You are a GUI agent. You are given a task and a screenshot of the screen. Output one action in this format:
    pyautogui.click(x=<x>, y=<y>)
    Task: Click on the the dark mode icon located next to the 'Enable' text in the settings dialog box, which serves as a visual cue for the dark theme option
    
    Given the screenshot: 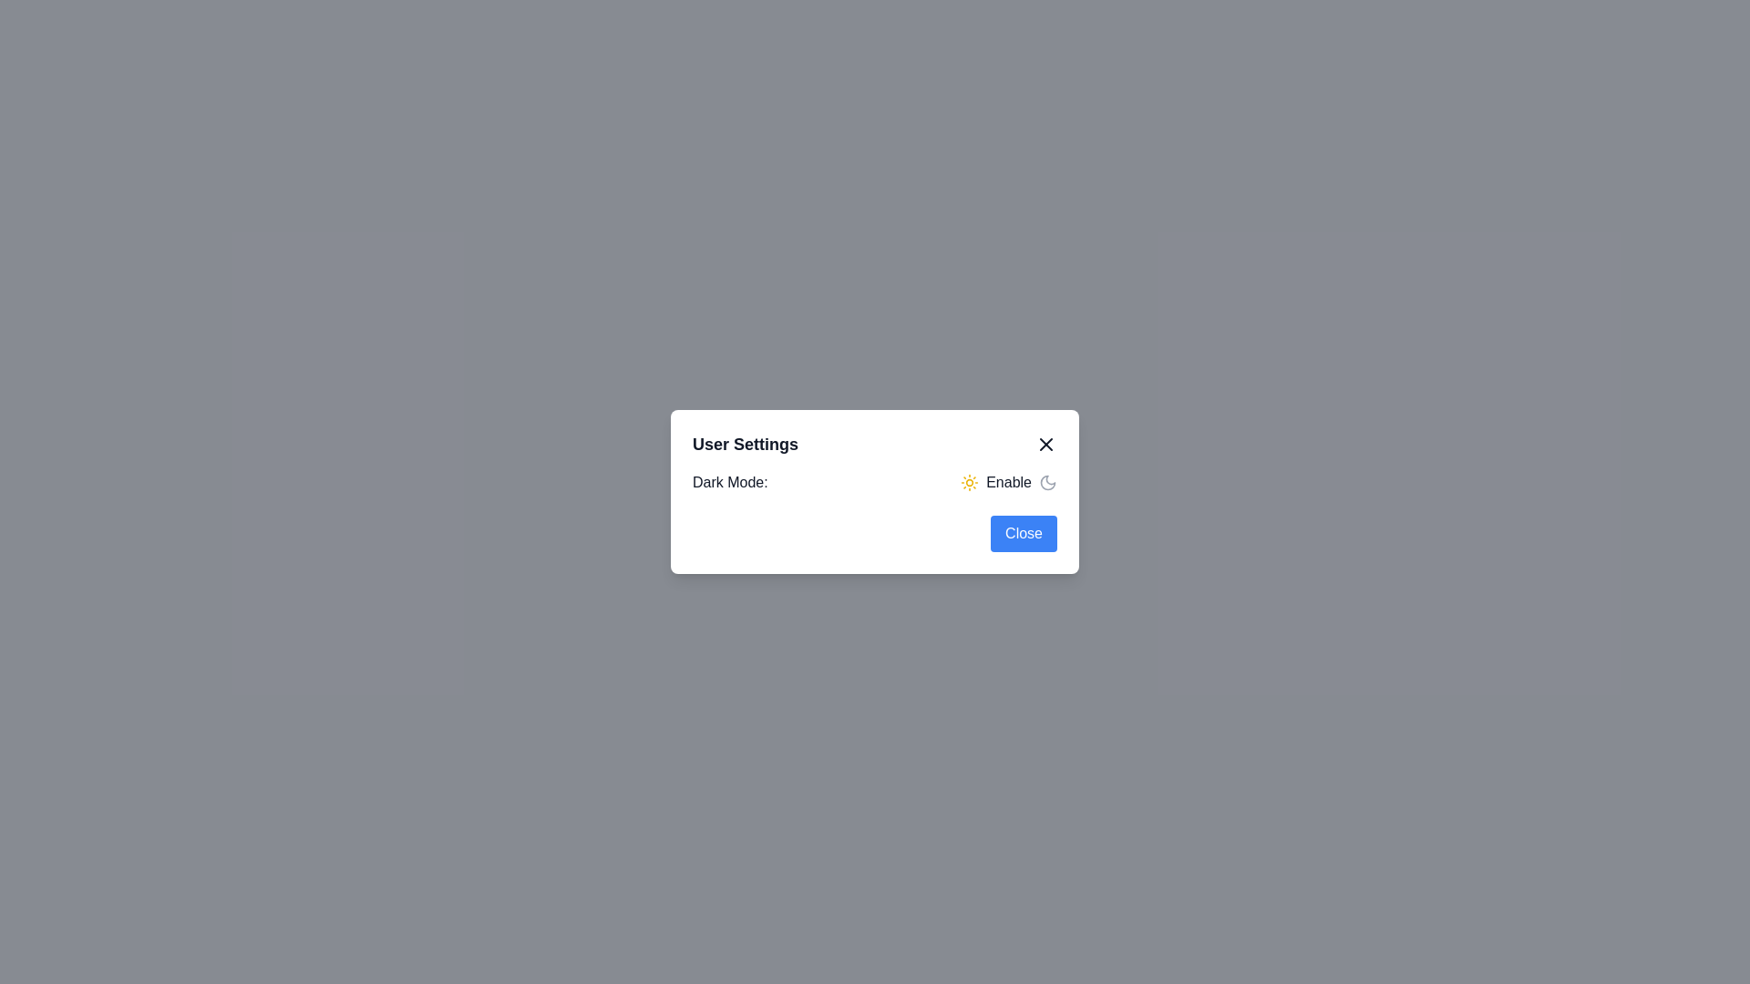 What is the action you would take?
    pyautogui.click(x=1048, y=481)
    